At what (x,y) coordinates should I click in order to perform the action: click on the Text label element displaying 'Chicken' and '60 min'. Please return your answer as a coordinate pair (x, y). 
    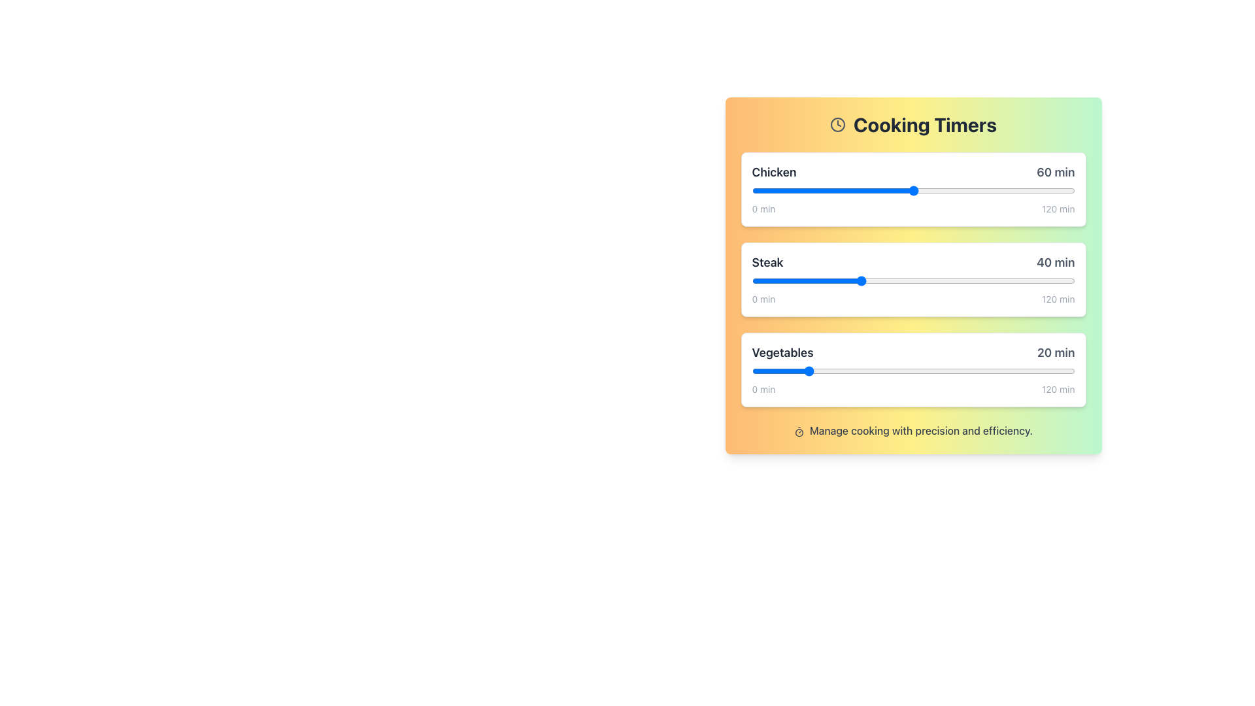
    Looking at the image, I should click on (912, 171).